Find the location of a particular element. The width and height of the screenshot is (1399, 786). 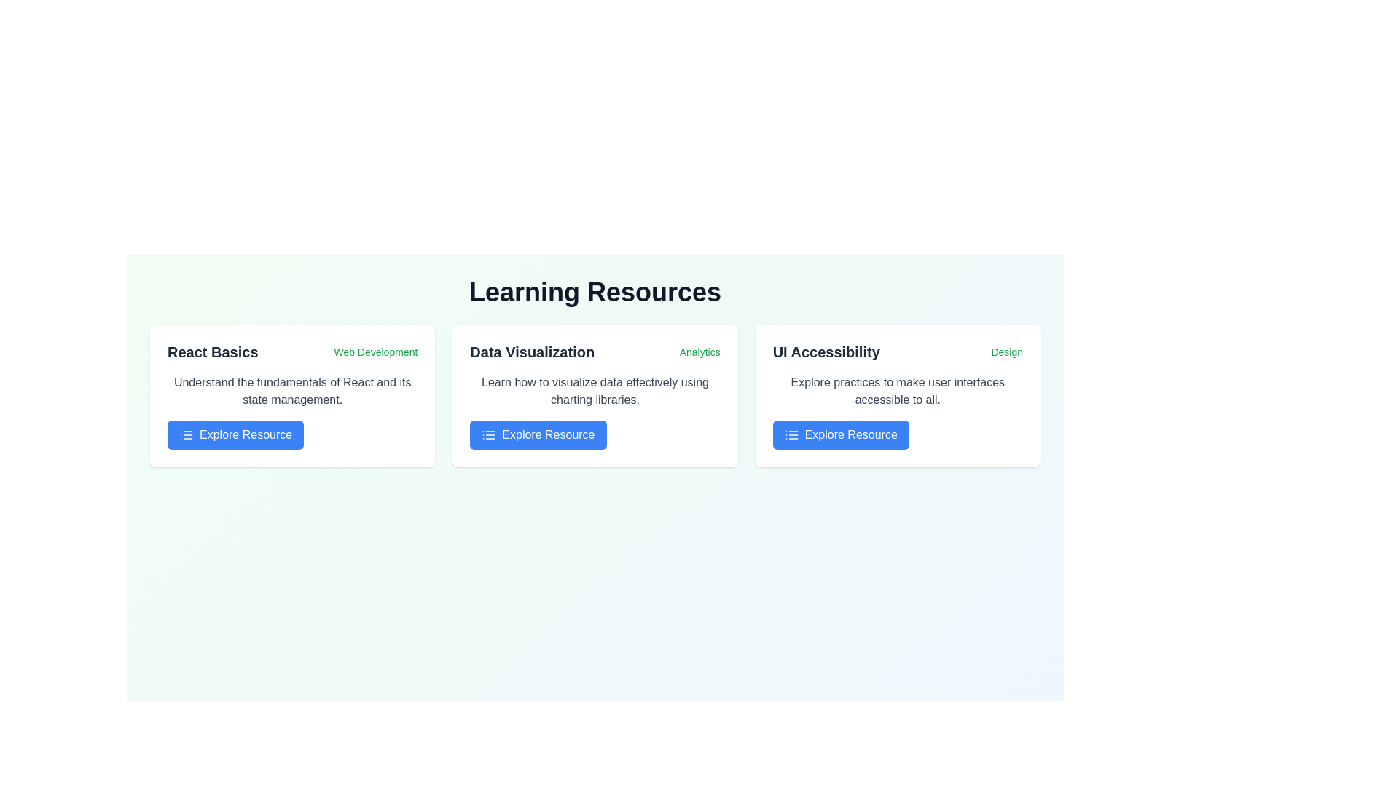

displayed text on the second card in the grid that provides information about resources for learning data visualization is located at coordinates (595, 395).